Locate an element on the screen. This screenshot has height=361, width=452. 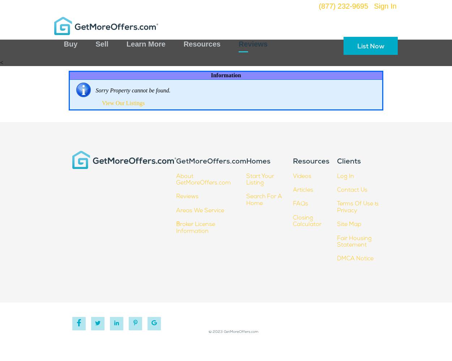
'GetMoreOffers.com' is located at coordinates (175, 161).